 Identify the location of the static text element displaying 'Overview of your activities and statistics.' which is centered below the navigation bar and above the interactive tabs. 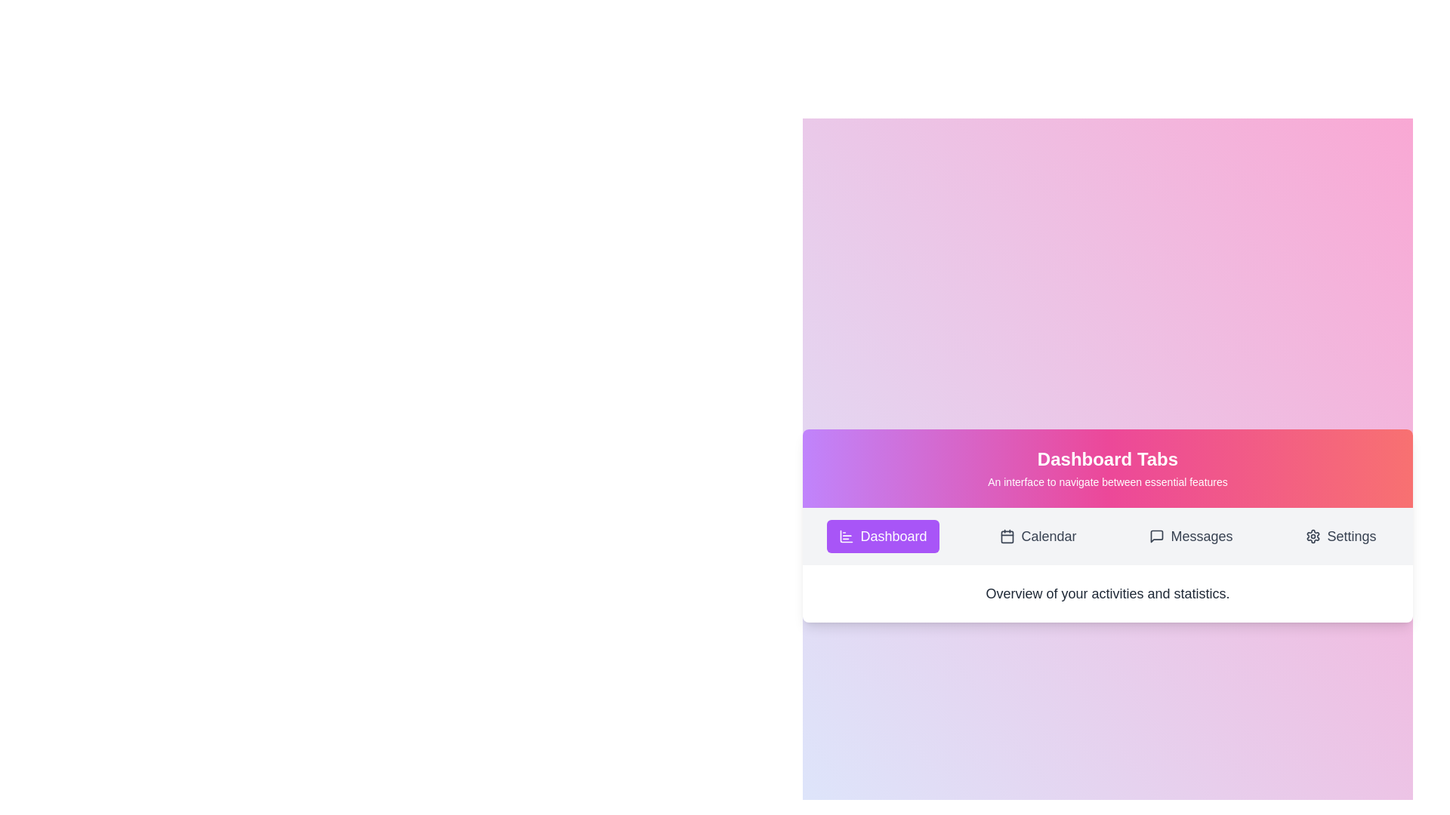
(1108, 592).